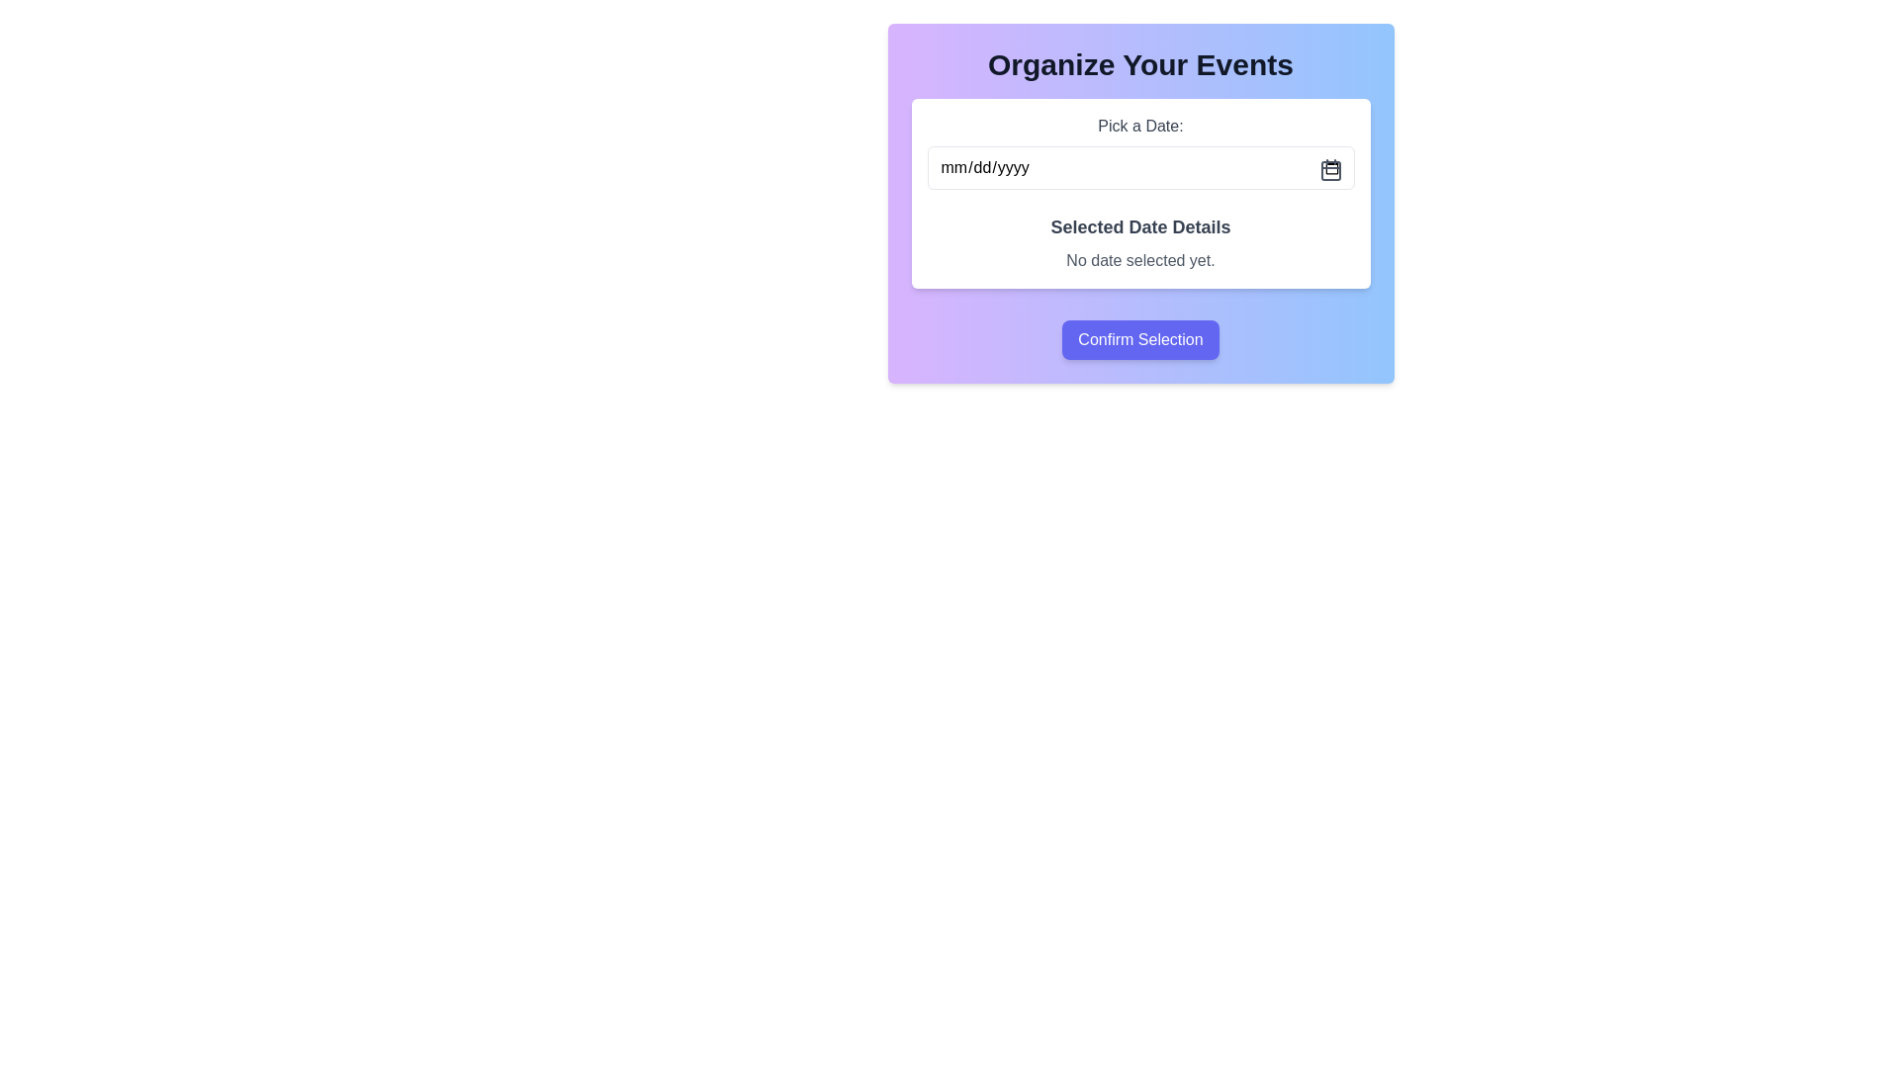  Describe the element at coordinates (1140, 242) in the screenshot. I see `the Text display component that shows the status of the selected date, located within the content card between the 'Pick a Date:' input field and the 'Confirm Selection' button` at that location.